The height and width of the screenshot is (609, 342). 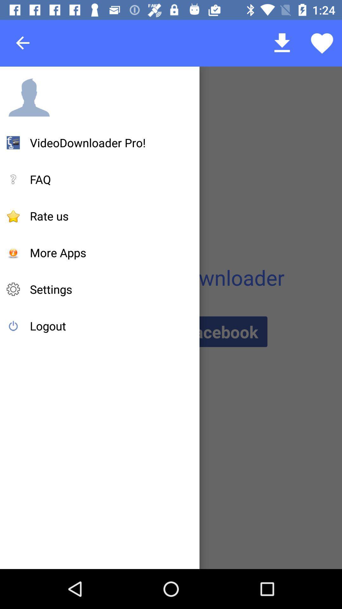 I want to click on item above the rate us icon, so click(x=40, y=179).